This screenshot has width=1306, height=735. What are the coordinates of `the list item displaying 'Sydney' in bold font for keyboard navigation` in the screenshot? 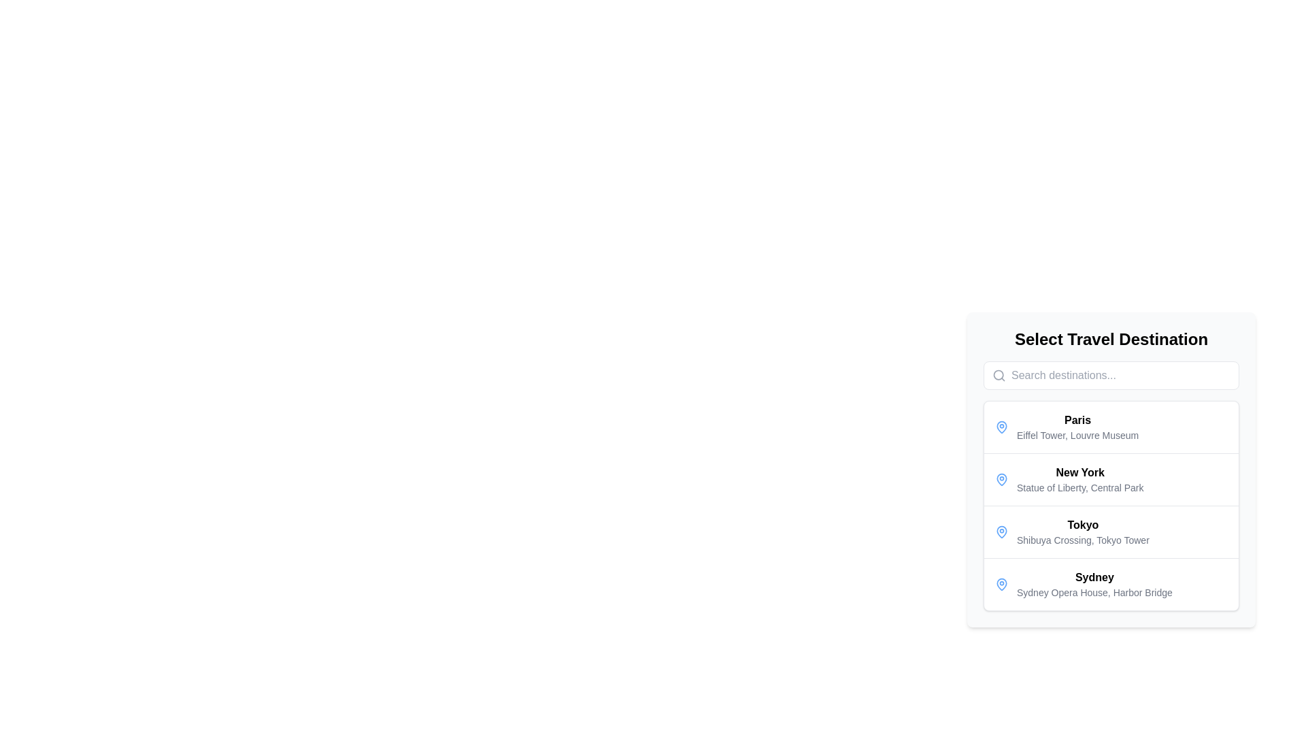 It's located at (1094, 584).